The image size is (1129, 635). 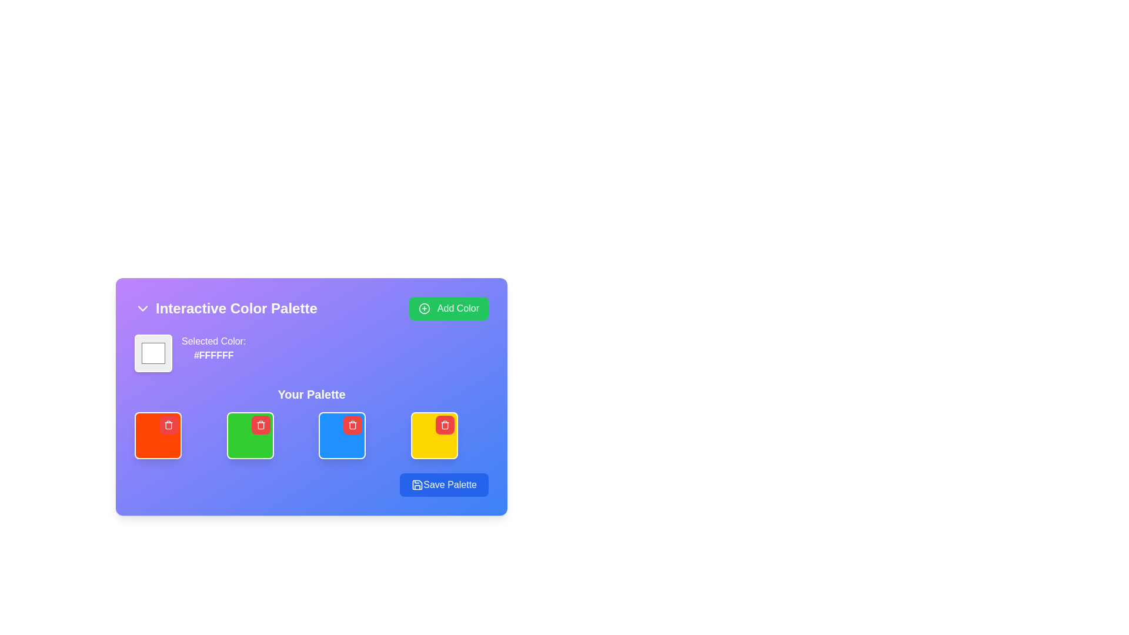 What do you see at coordinates (433, 435) in the screenshot?
I see `the interactive button with a golden yellow background, white border, and subtle shadow effect located in the bottom right of the interface` at bounding box center [433, 435].